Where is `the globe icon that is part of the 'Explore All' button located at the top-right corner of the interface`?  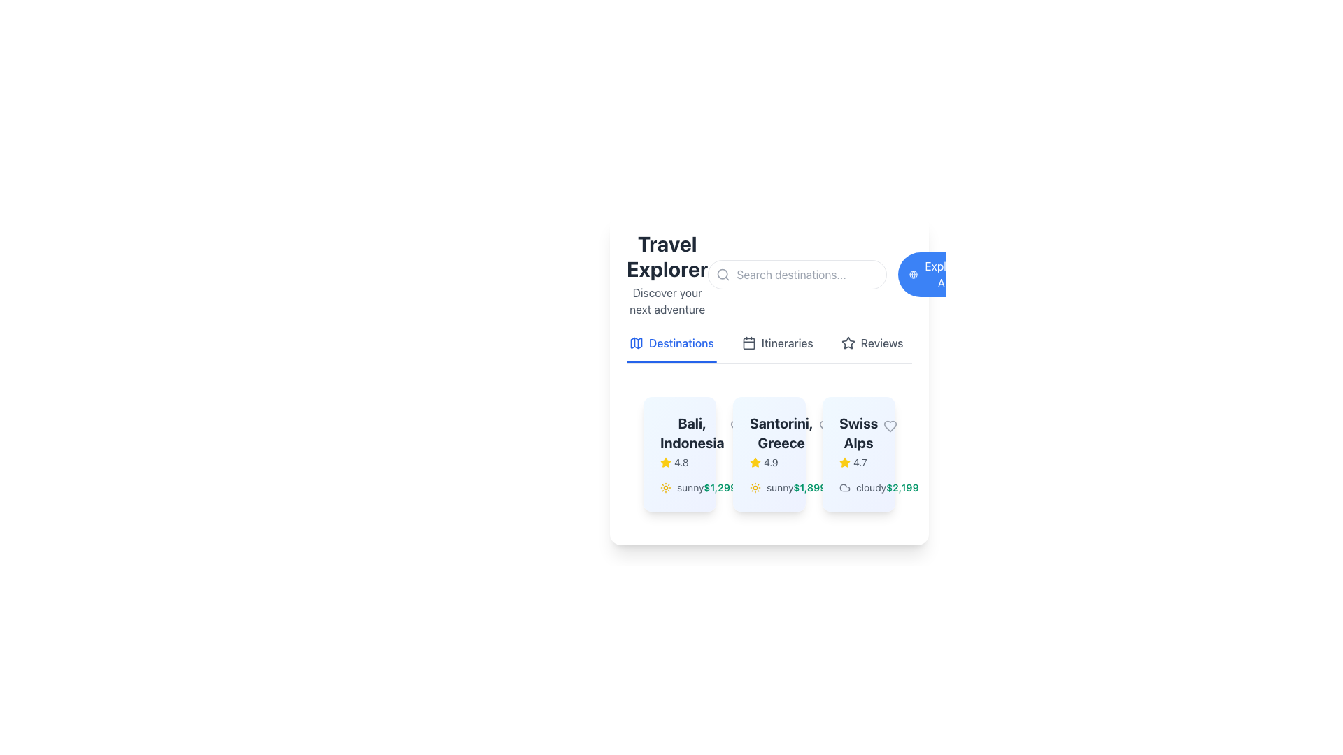
the globe icon that is part of the 'Explore All' button located at the top-right corner of the interface is located at coordinates (914, 275).